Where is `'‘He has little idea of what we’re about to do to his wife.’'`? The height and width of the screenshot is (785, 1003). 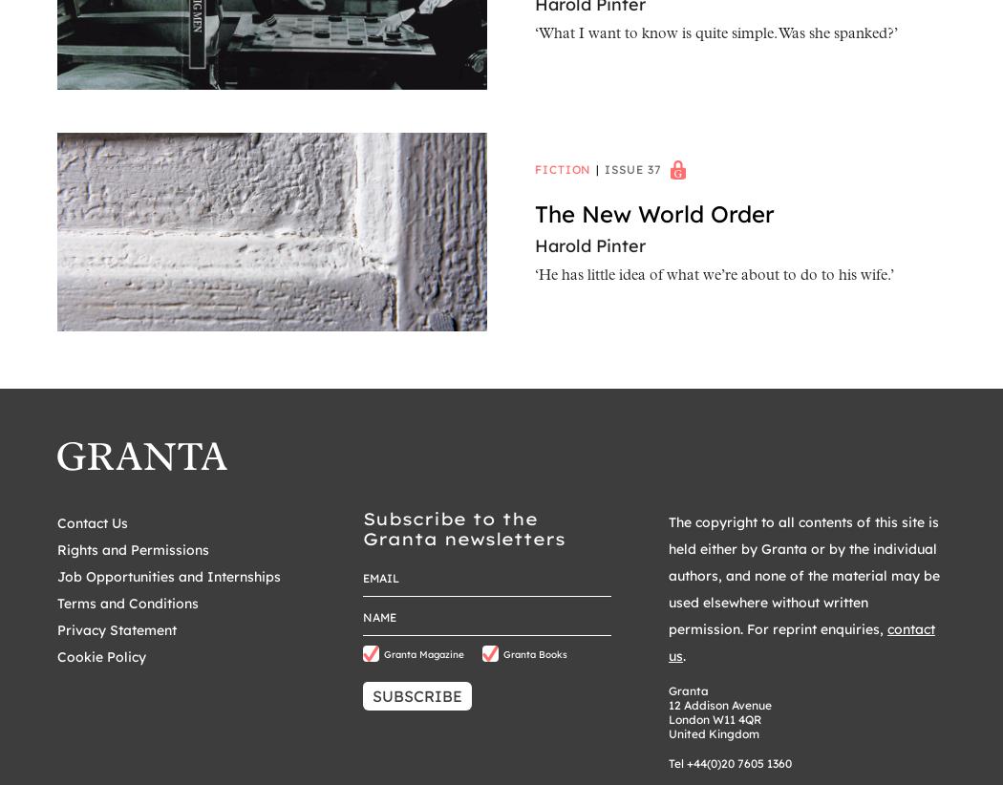 '‘He has little idea of what we’re about to do to his wife.’' is located at coordinates (534, 277).